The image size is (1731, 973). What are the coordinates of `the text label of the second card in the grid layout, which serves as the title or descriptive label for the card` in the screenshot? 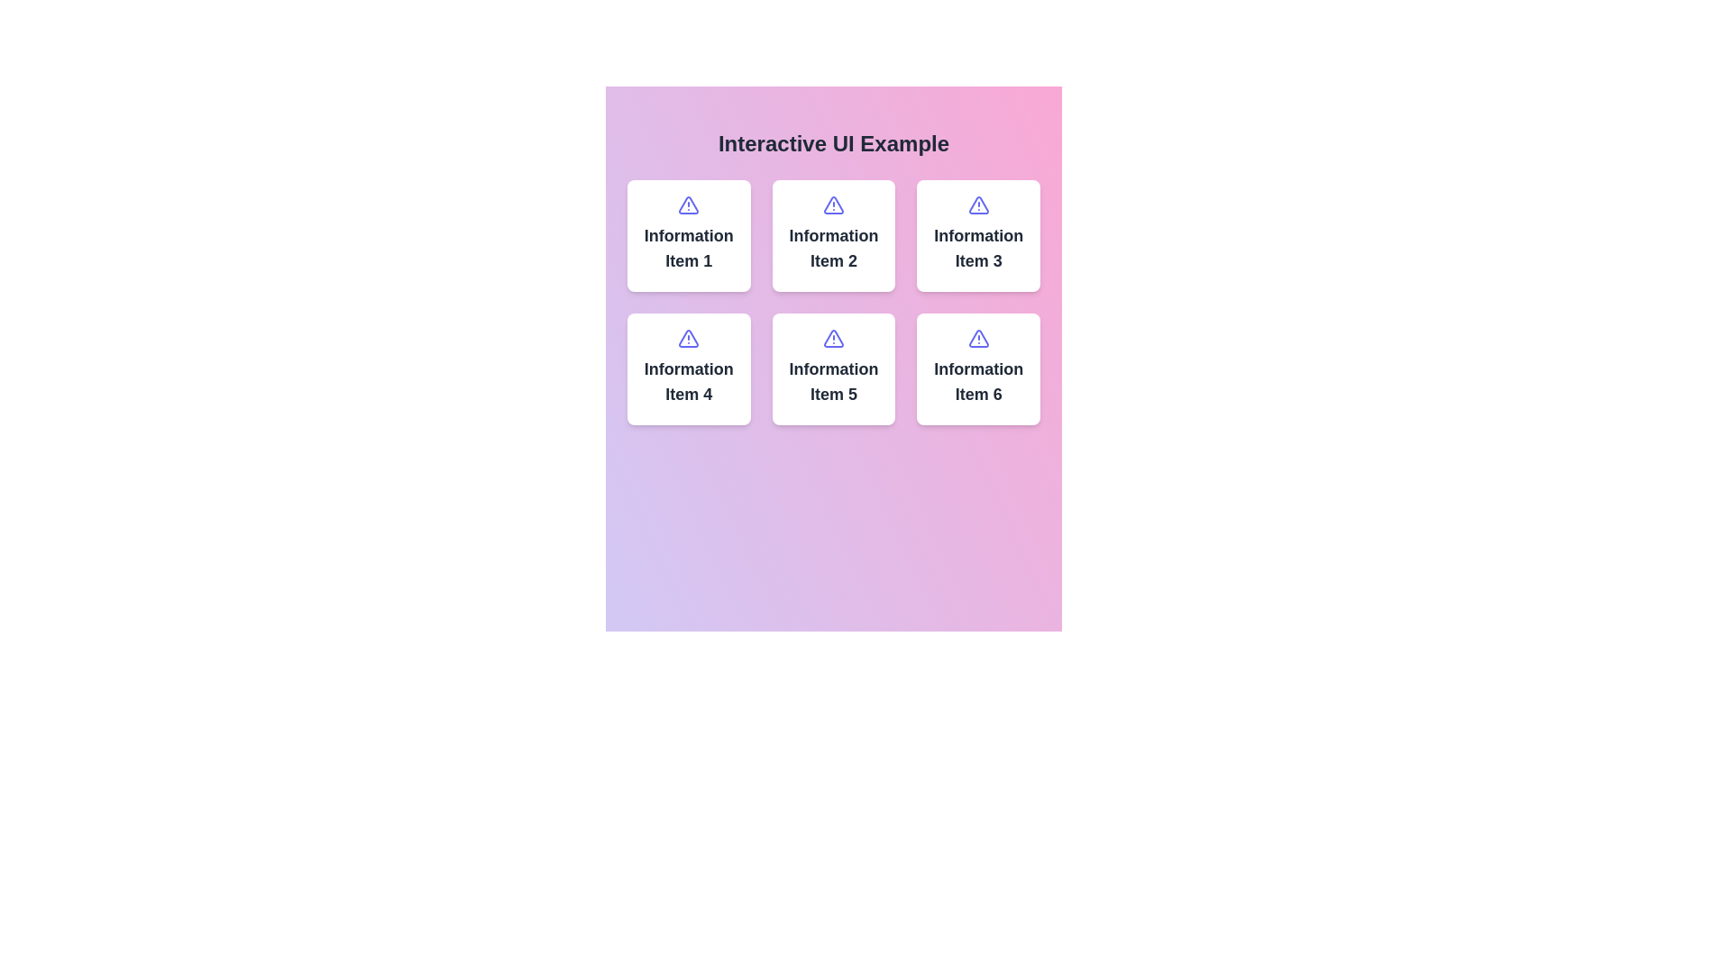 It's located at (833, 249).